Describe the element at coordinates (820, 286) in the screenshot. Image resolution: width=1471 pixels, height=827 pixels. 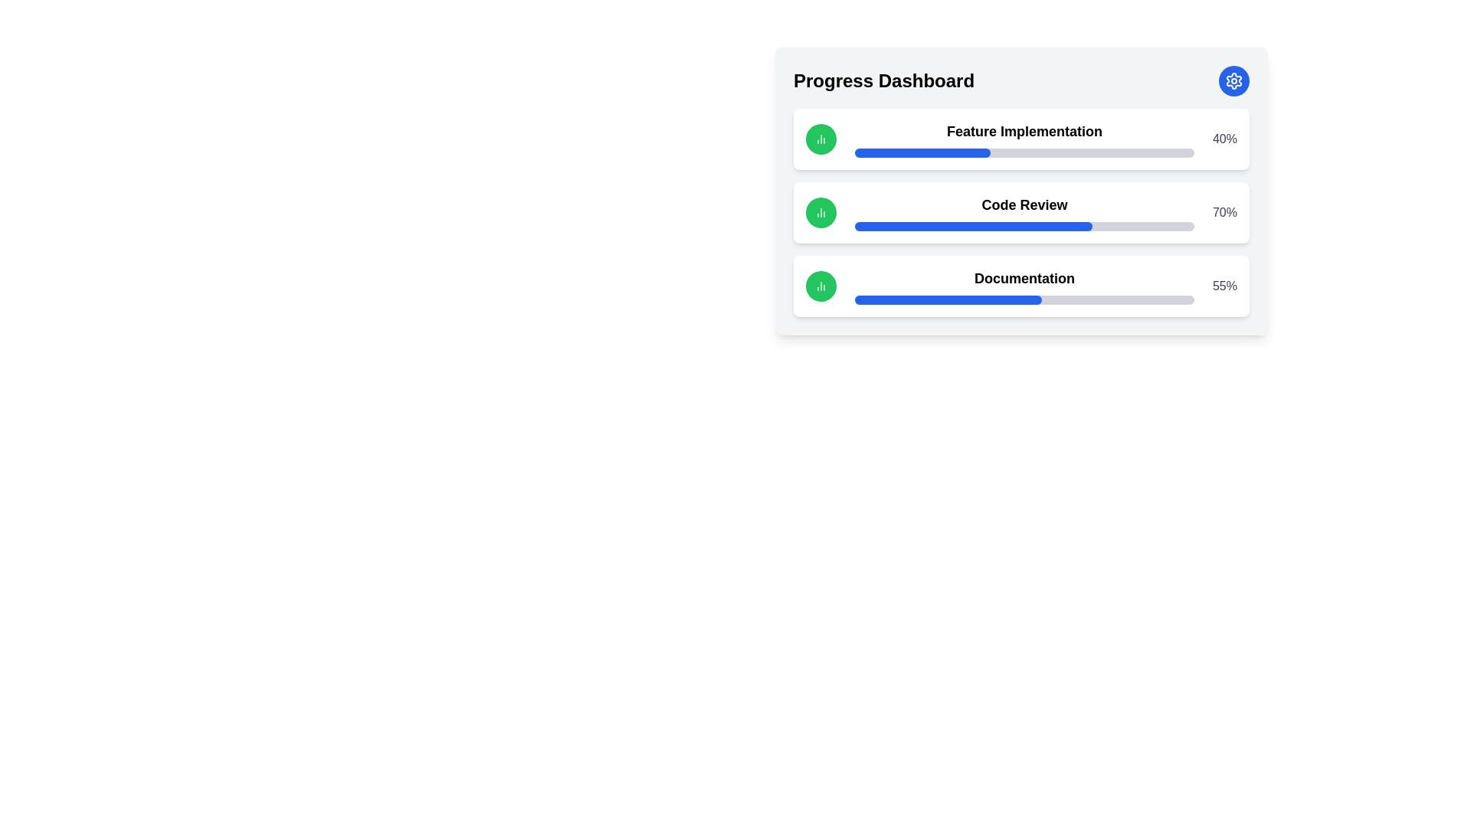
I see `the icon element representing the category for the progress bar labeled 'Documentation,' which is located within a circular green background and positioned at the bottom of a vertical group of three similar elements` at that location.